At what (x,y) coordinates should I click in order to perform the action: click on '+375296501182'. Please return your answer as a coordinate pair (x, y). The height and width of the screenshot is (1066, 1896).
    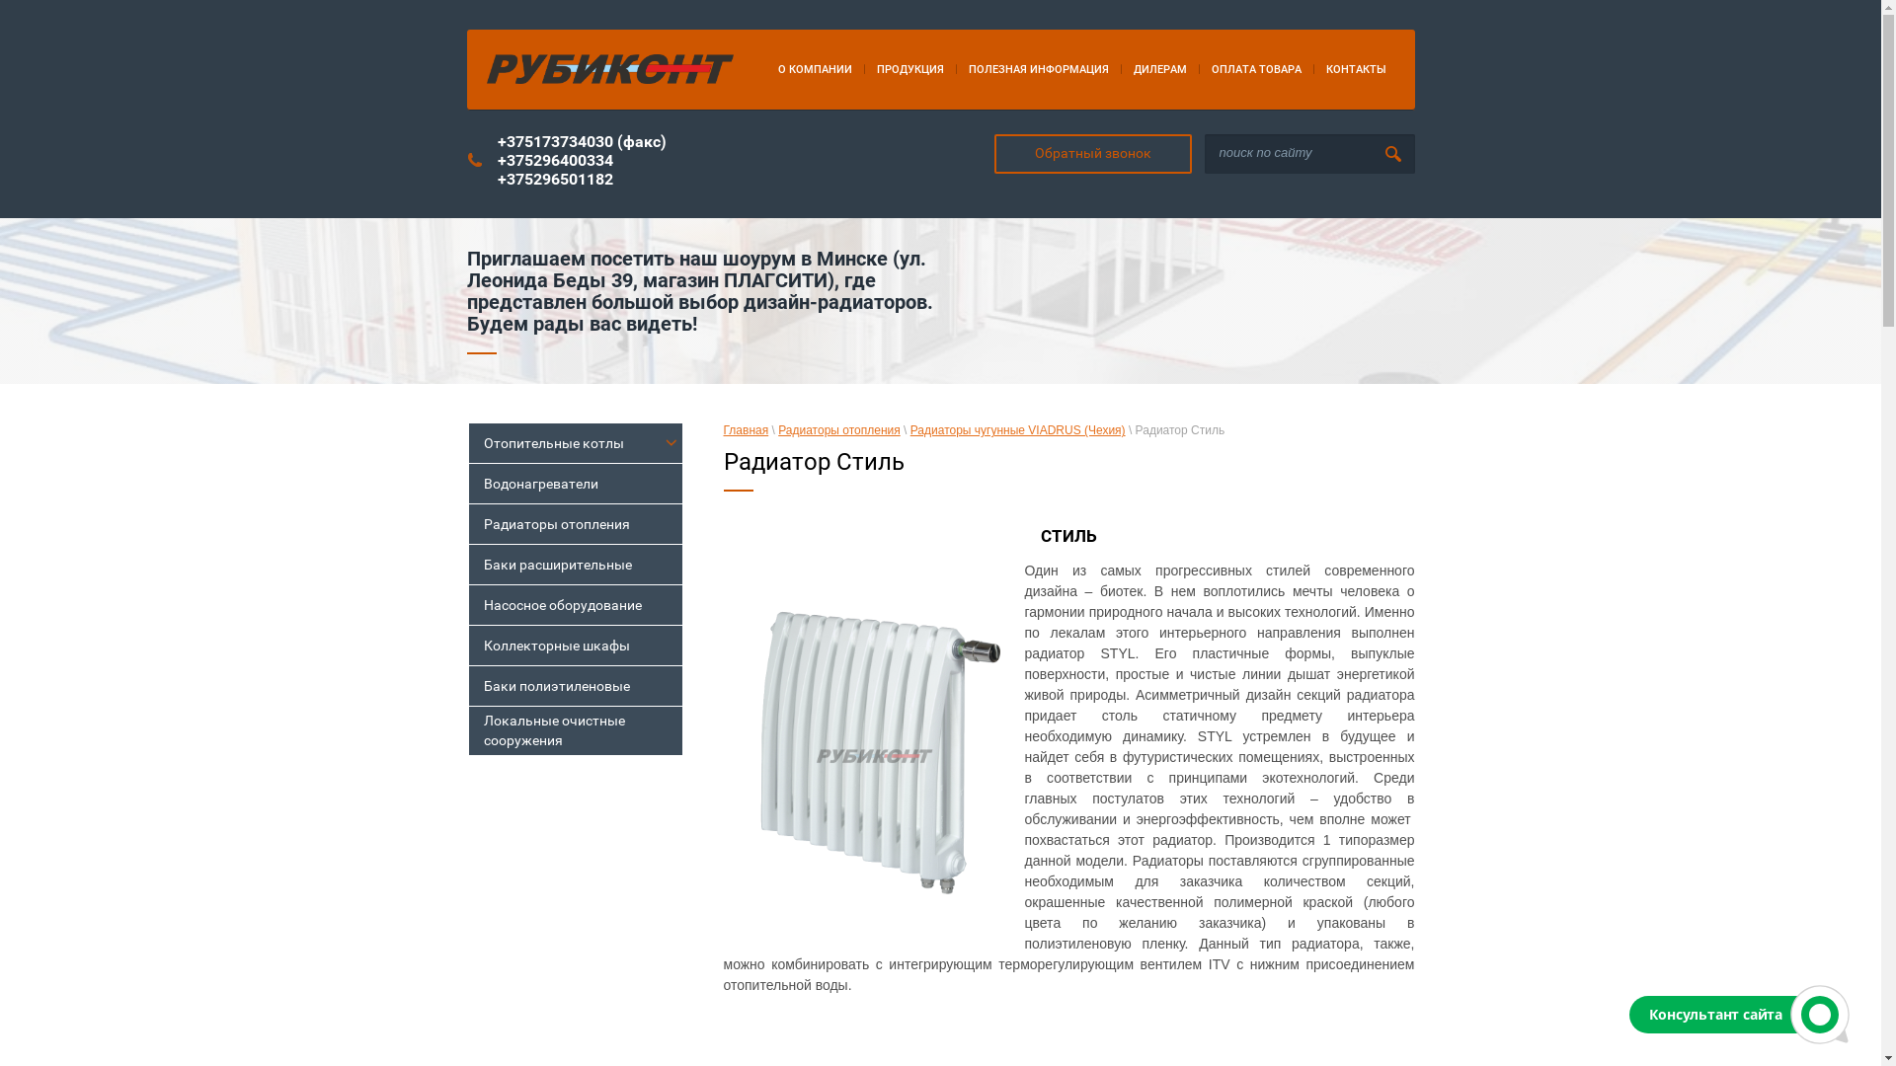
    Looking at the image, I should click on (498, 179).